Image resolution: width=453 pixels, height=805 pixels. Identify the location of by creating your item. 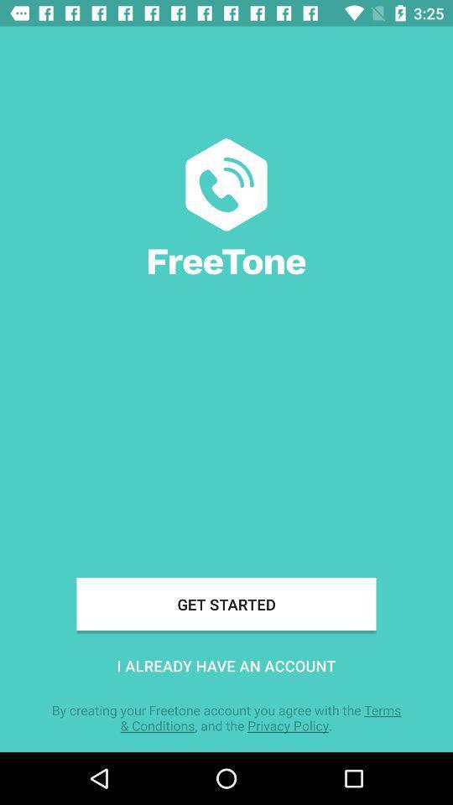
(226, 717).